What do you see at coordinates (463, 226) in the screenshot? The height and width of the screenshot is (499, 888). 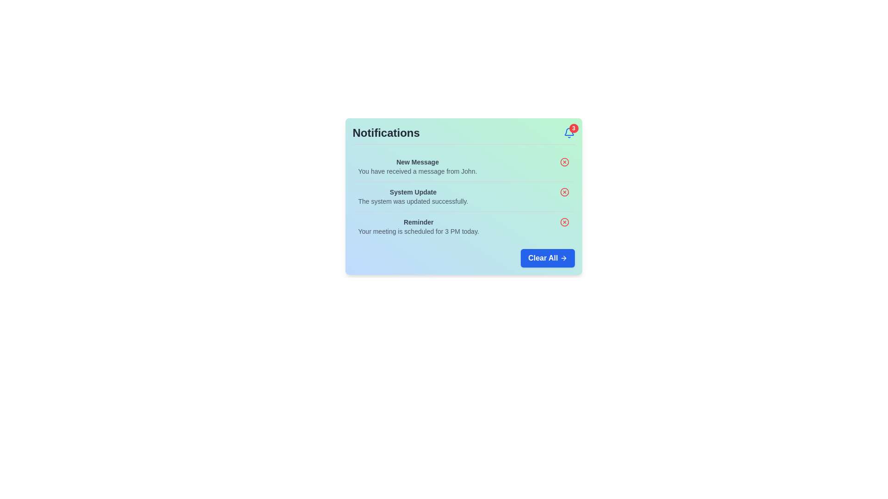 I see `the Notification card displaying 'Reminder' with the message 'Your meeting is scheduled for 3 PM today', which is the third entry in the notification list` at bounding box center [463, 226].